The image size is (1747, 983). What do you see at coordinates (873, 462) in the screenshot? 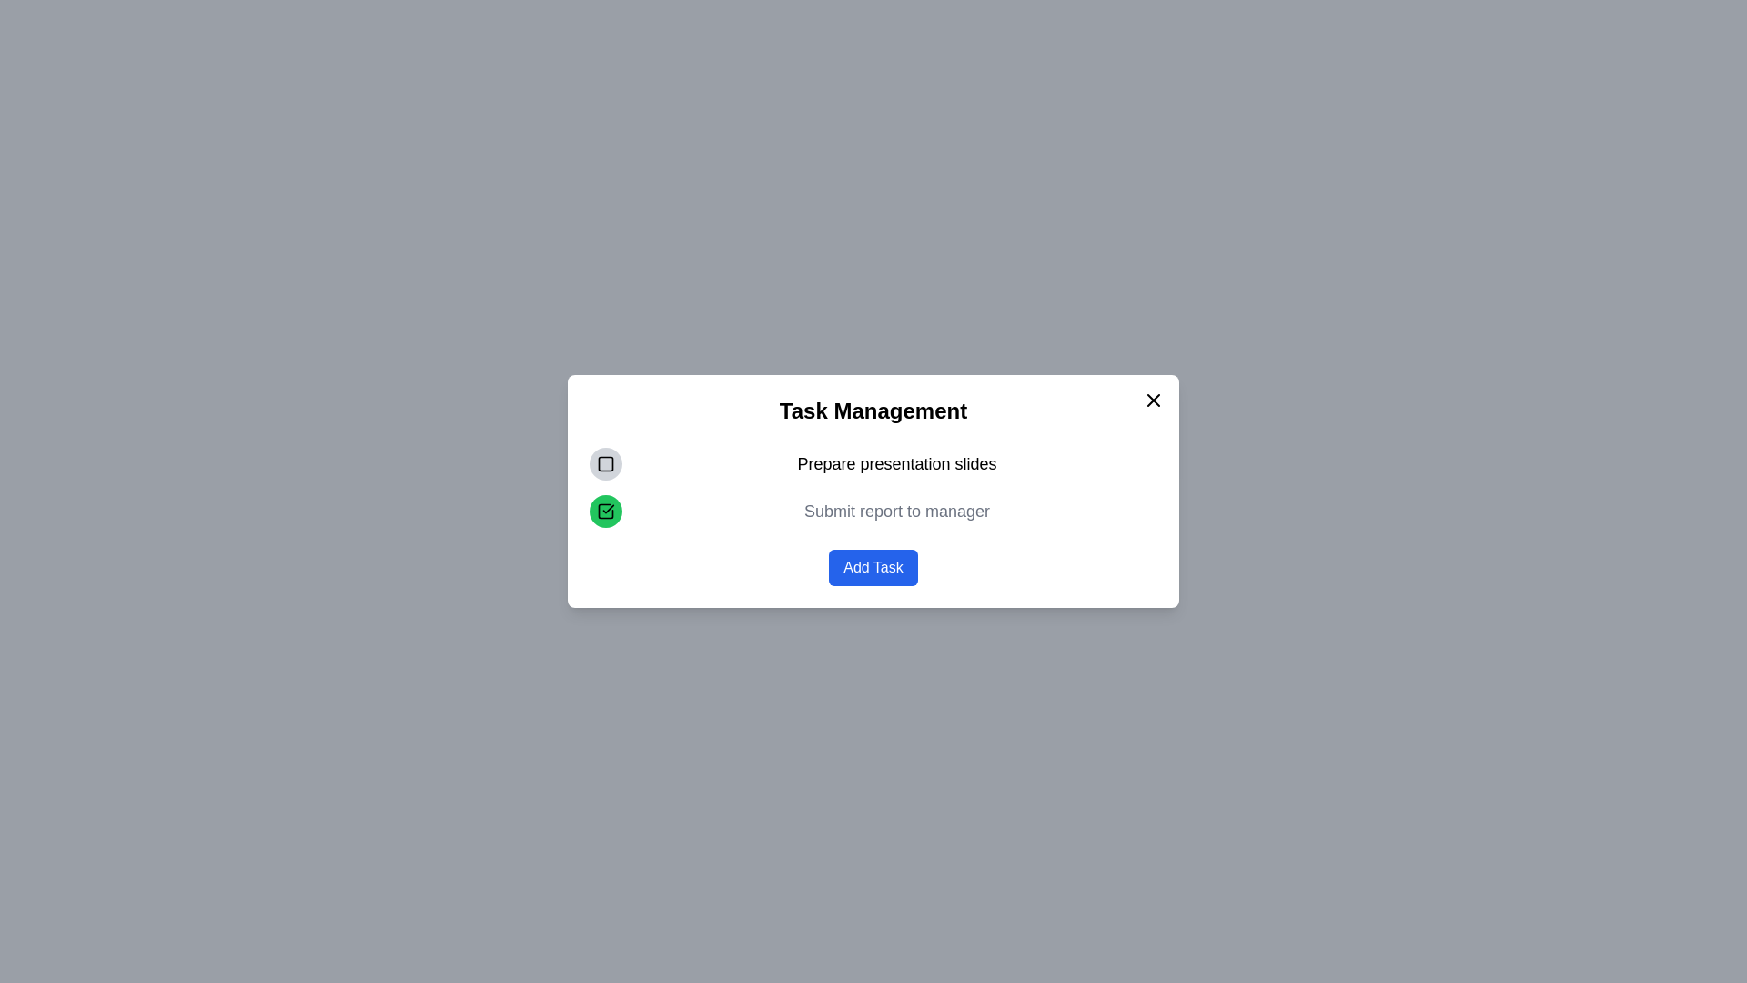
I see `the text 'Prepare presentation slides'` at bounding box center [873, 462].